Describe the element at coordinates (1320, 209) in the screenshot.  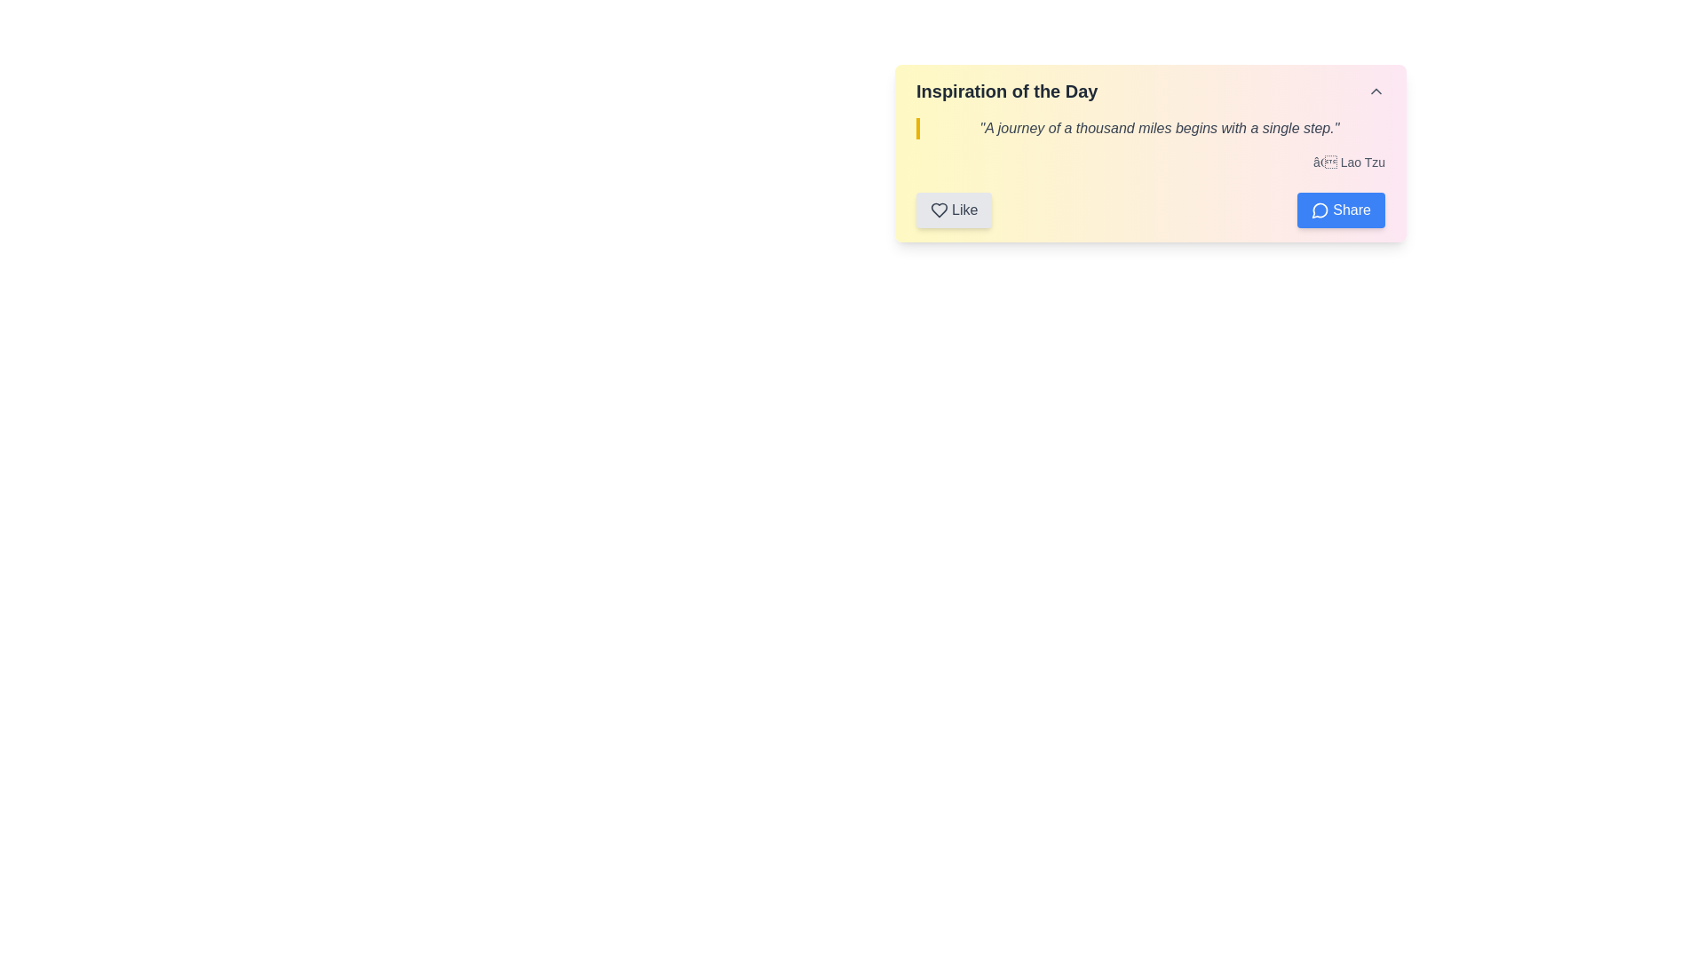
I see `the 'Share' icon located to the left of the text within the 'Share' button at the bottom-right corner of the card element` at that location.